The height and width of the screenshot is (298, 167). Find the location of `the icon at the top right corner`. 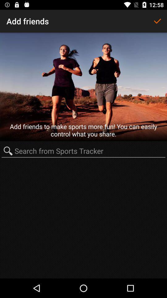

the icon at the top right corner is located at coordinates (157, 21).